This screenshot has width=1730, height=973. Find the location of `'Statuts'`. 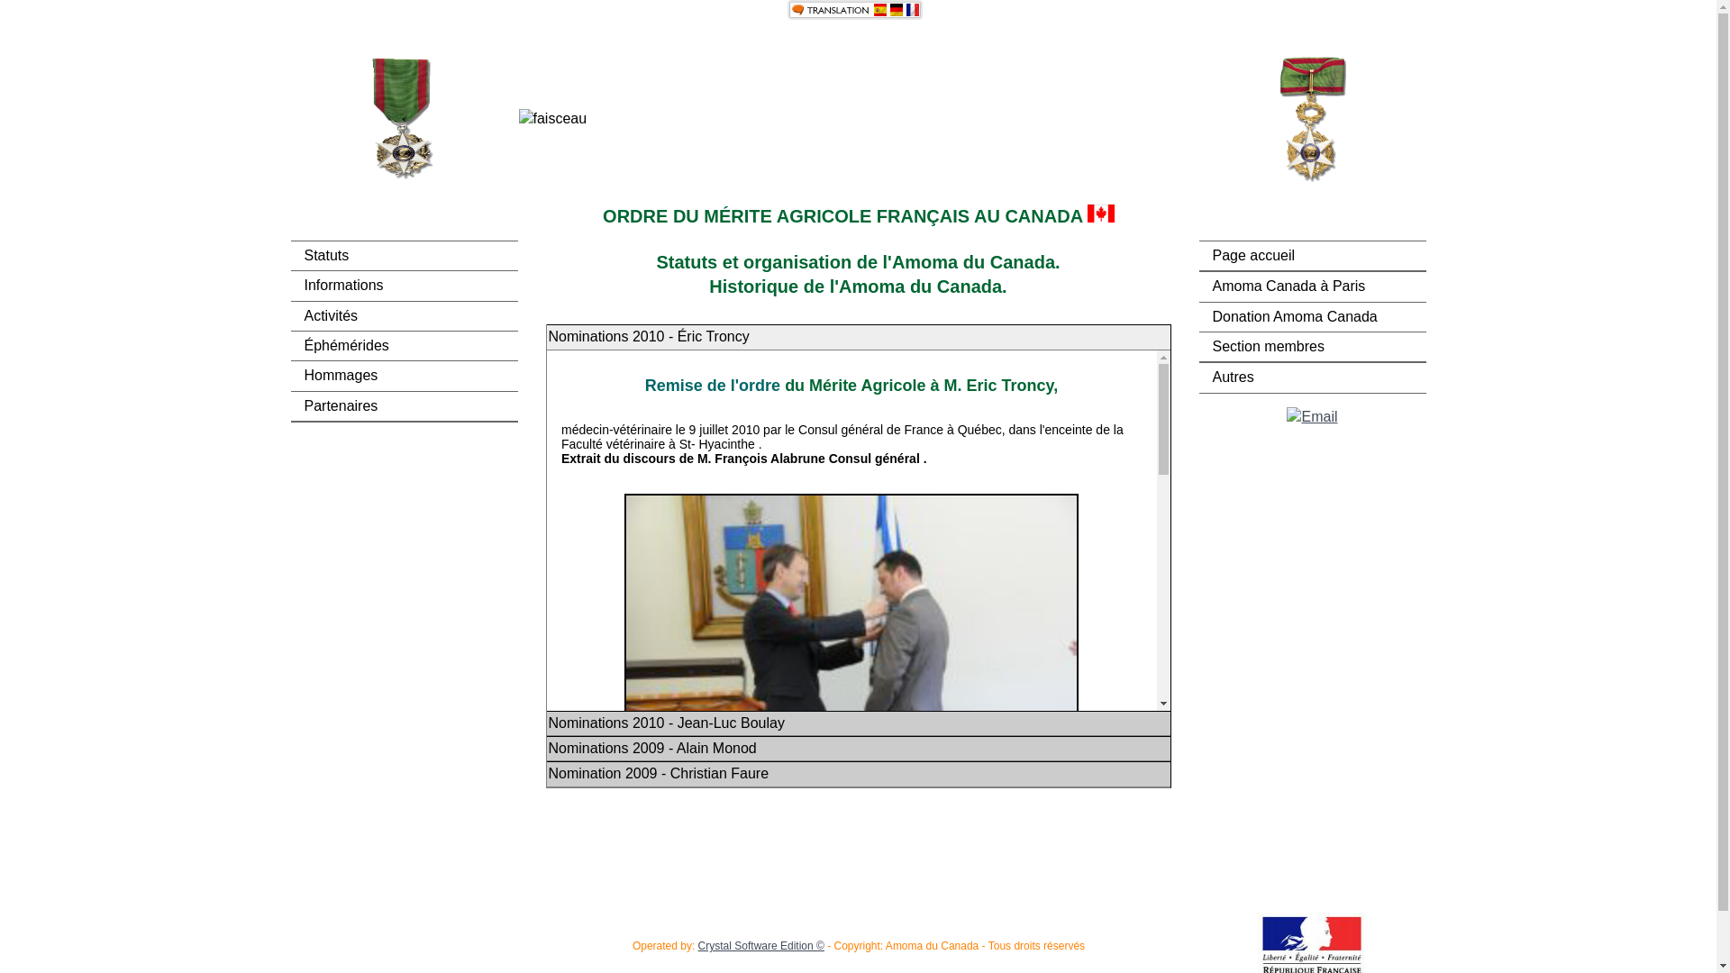

'Statuts' is located at coordinates (402, 256).